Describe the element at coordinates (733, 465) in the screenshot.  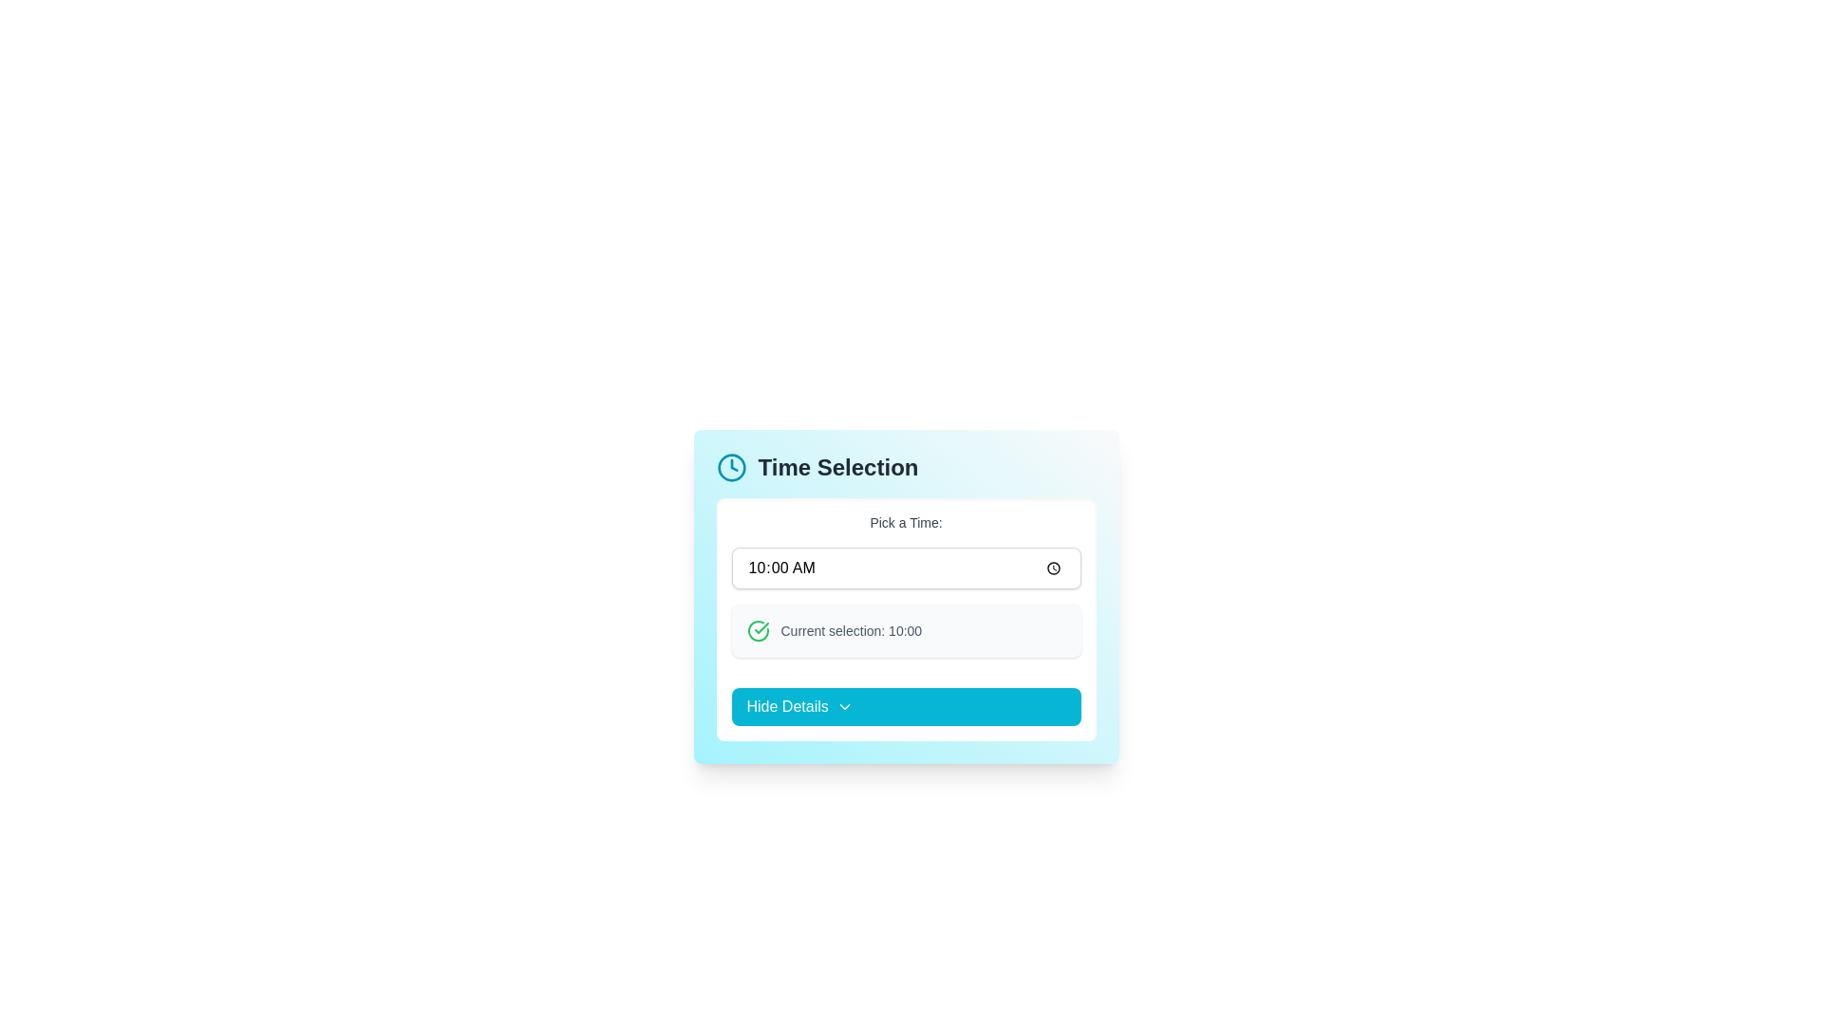
I see `the SVG triangle representing the clock hand that points downward on the clock icon, located towards the upper-middle section of the clock face` at that location.